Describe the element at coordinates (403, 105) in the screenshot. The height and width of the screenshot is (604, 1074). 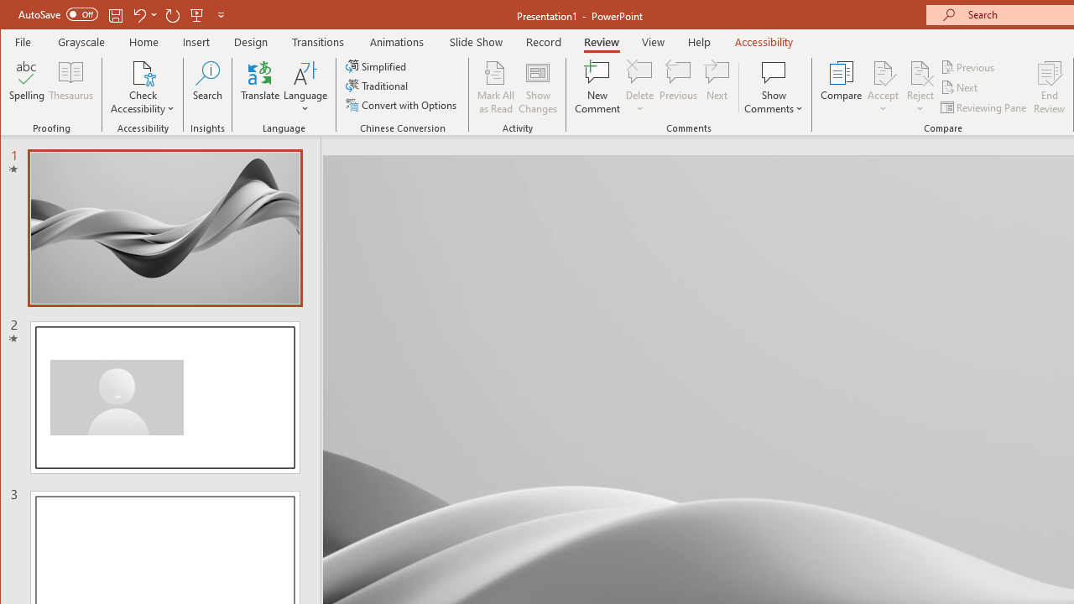
I see `'Convert with Options...'` at that location.